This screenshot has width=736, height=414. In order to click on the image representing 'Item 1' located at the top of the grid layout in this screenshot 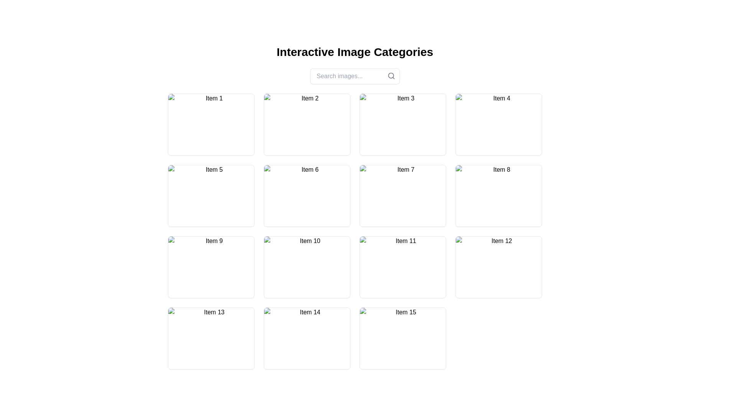, I will do `click(211, 124)`.